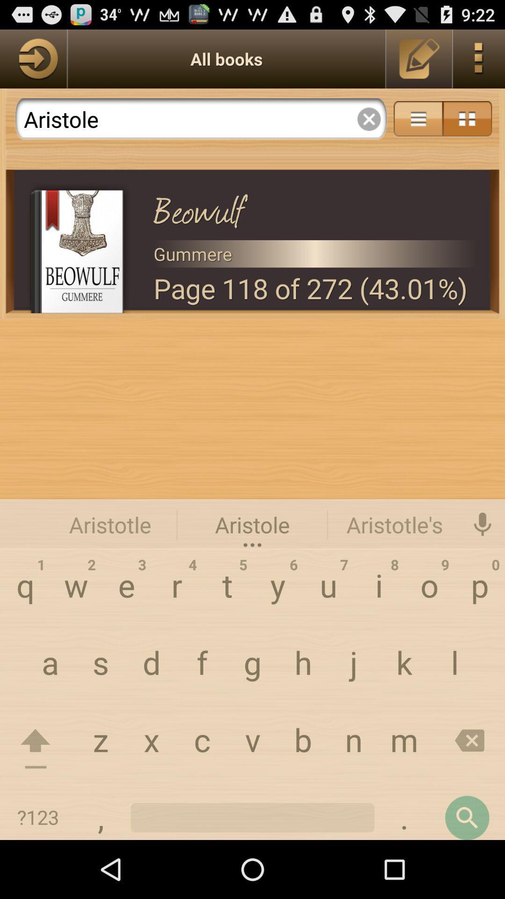  What do you see at coordinates (419, 62) in the screenshot?
I see `the edit icon` at bounding box center [419, 62].